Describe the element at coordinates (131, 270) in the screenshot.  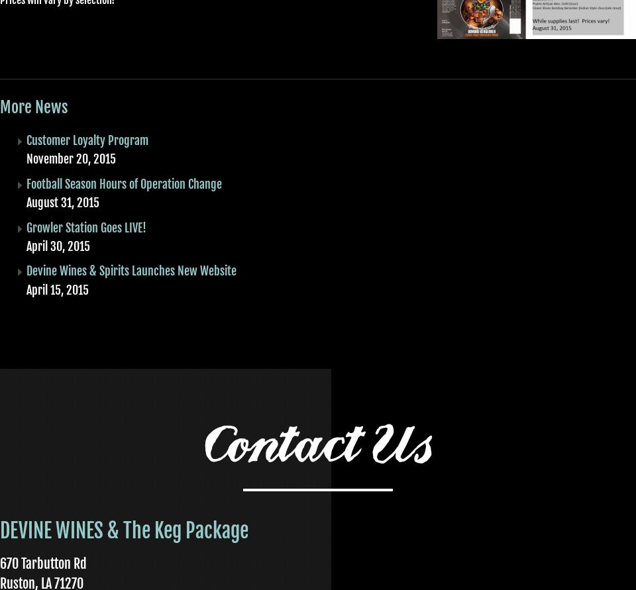
I see `'Devine Wines & Spirits Launches New Website'` at that location.